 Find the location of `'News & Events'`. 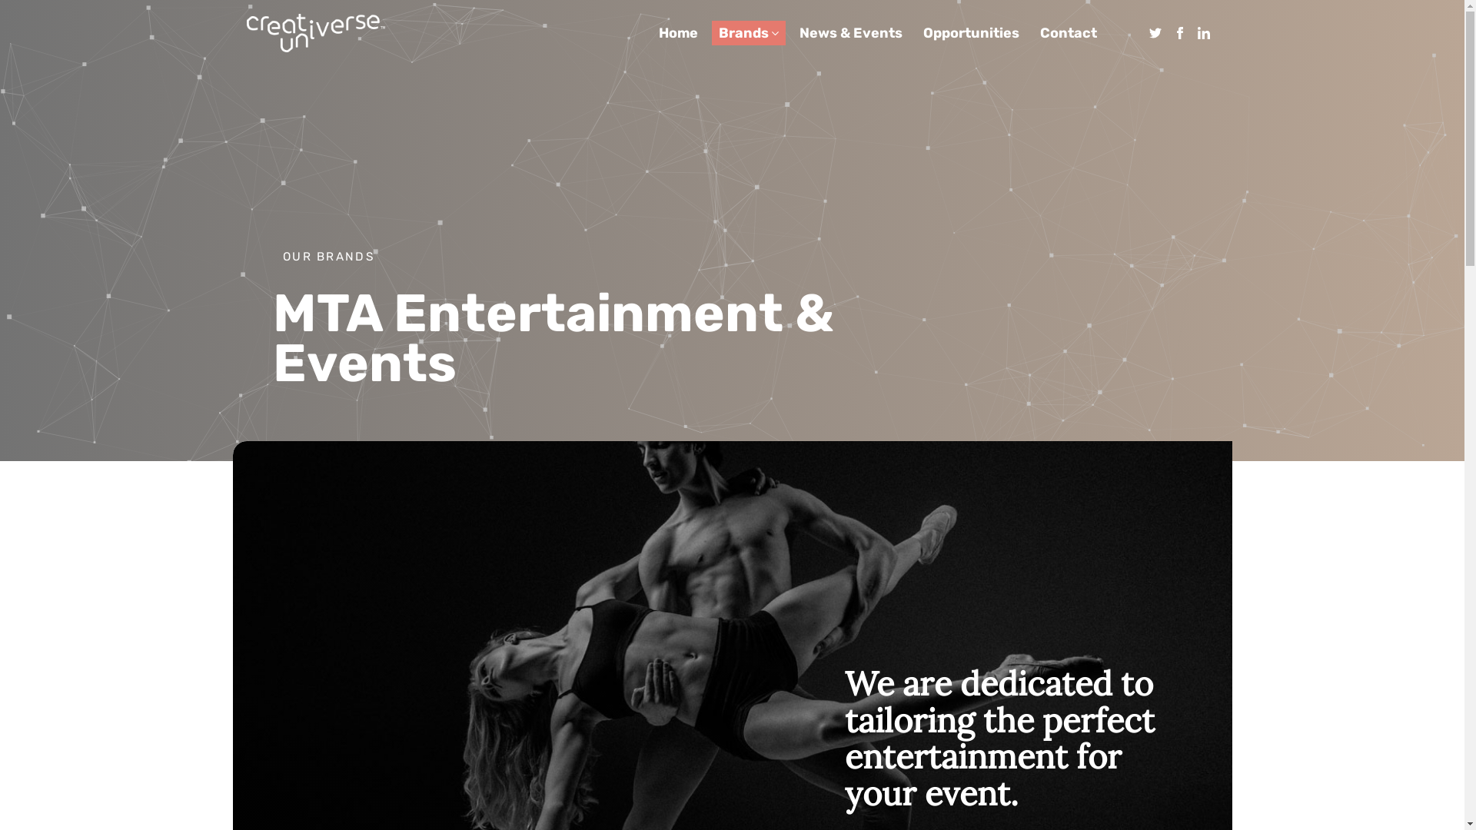

'News & Events' is located at coordinates (850, 32).